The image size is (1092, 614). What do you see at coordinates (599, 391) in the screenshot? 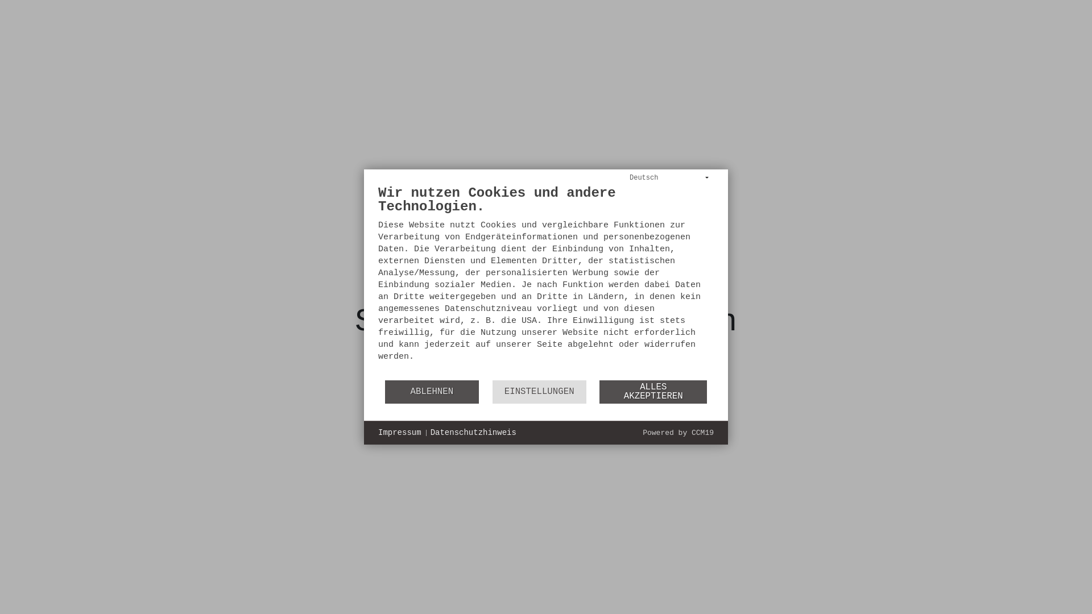
I see `'ALLES AKZEPTIEREN'` at bounding box center [599, 391].